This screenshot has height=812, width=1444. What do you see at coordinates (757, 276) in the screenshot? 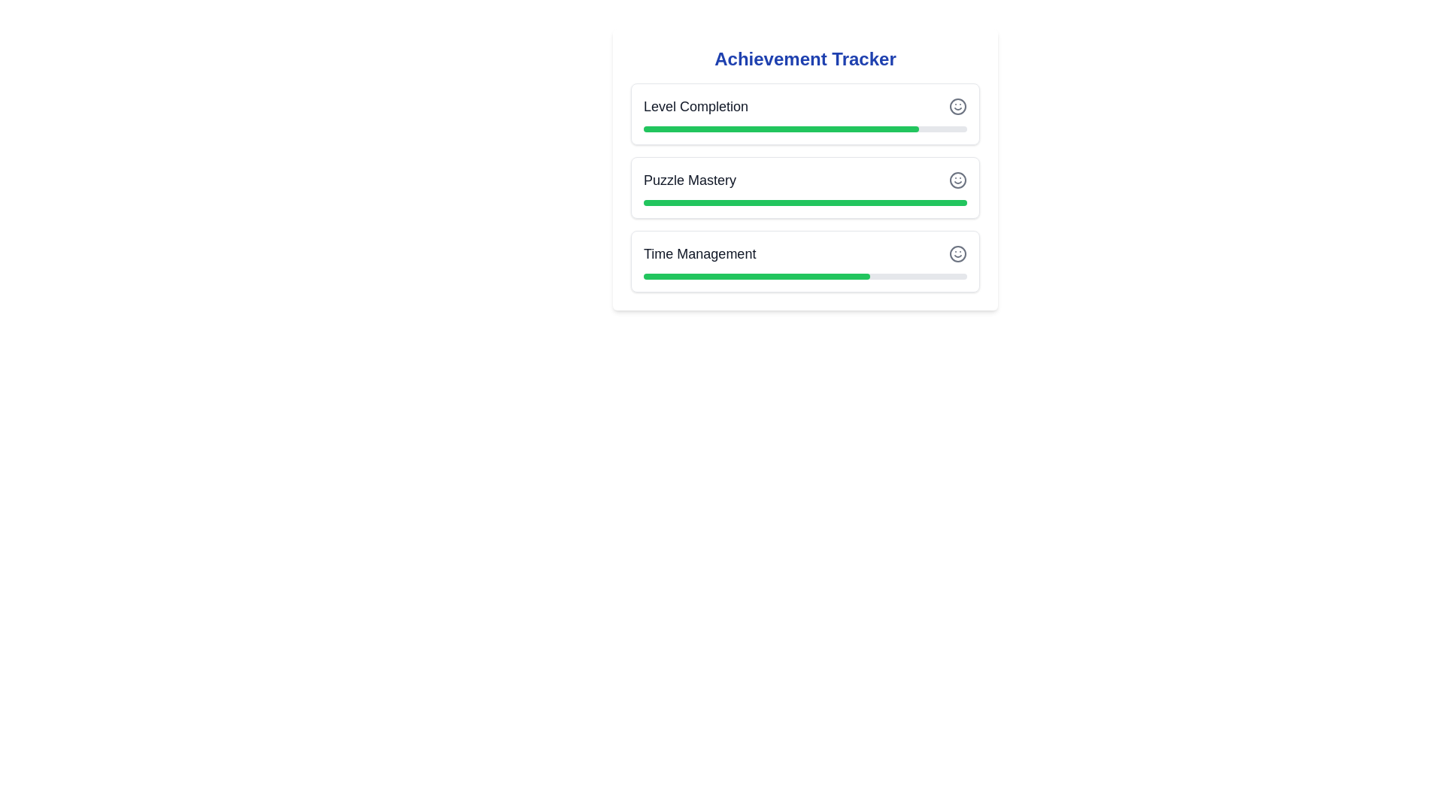
I see `the Progress bar located within the 'Time Management' section of the 'Achievement Tracker', which visually indicates completion status` at bounding box center [757, 276].